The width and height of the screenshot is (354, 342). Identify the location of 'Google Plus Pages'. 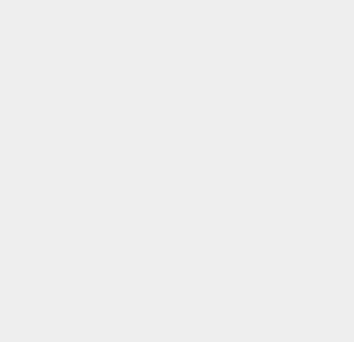
(250, 23).